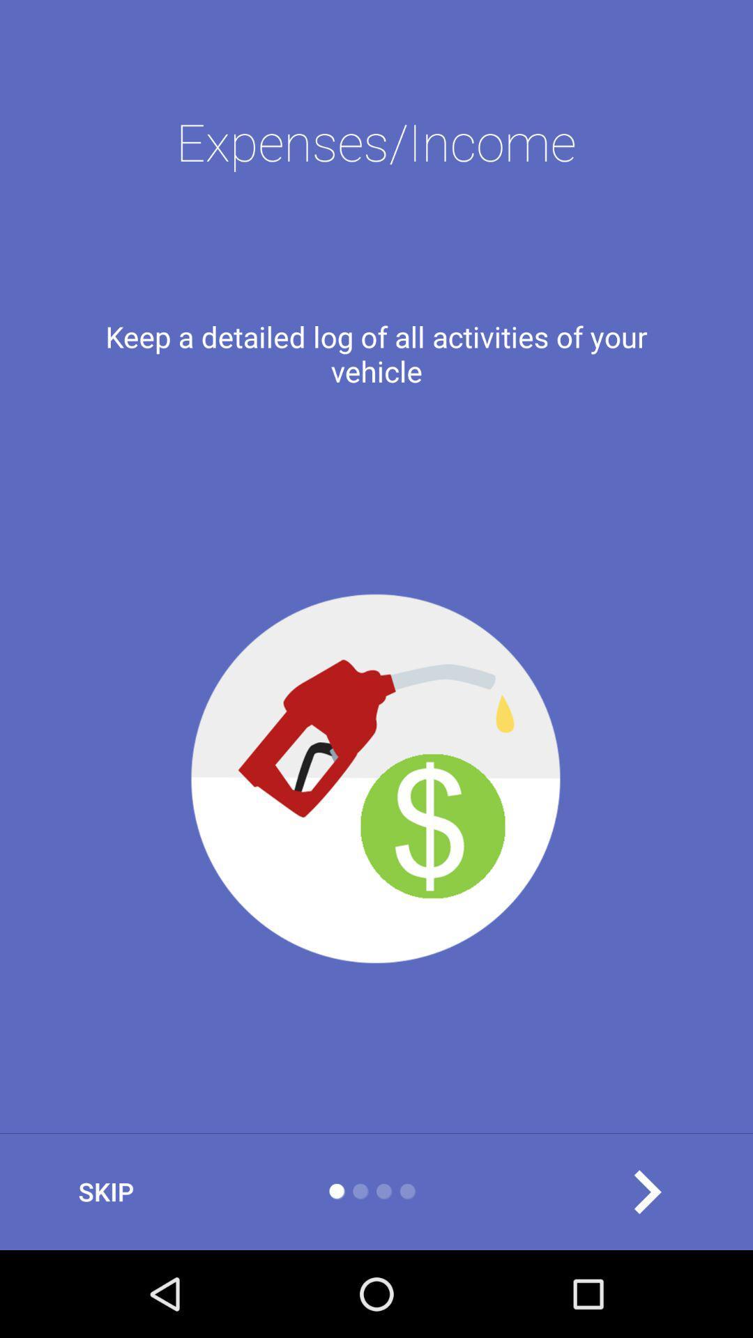 Image resolution: width=753 pixels, height=1338 pixels. I want to click on the arrow_forward icon, so click(646, 1191).